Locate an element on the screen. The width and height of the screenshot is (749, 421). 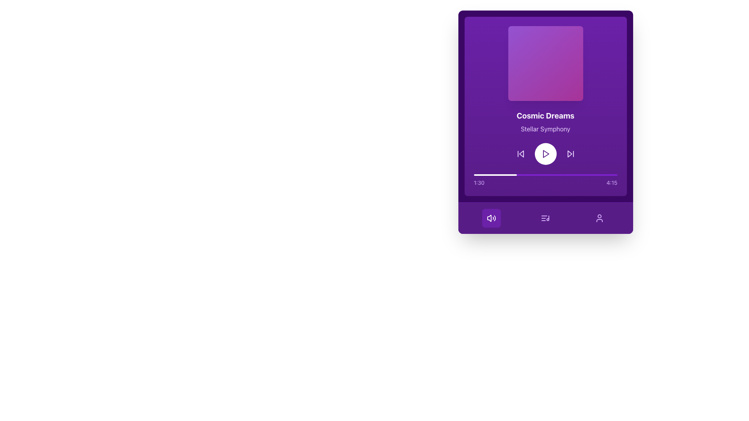
the circular 'Play' button with a white background and purple outline, located centrally below the song title and artist name, to play or pause the media is located at coordinates (545, 154).